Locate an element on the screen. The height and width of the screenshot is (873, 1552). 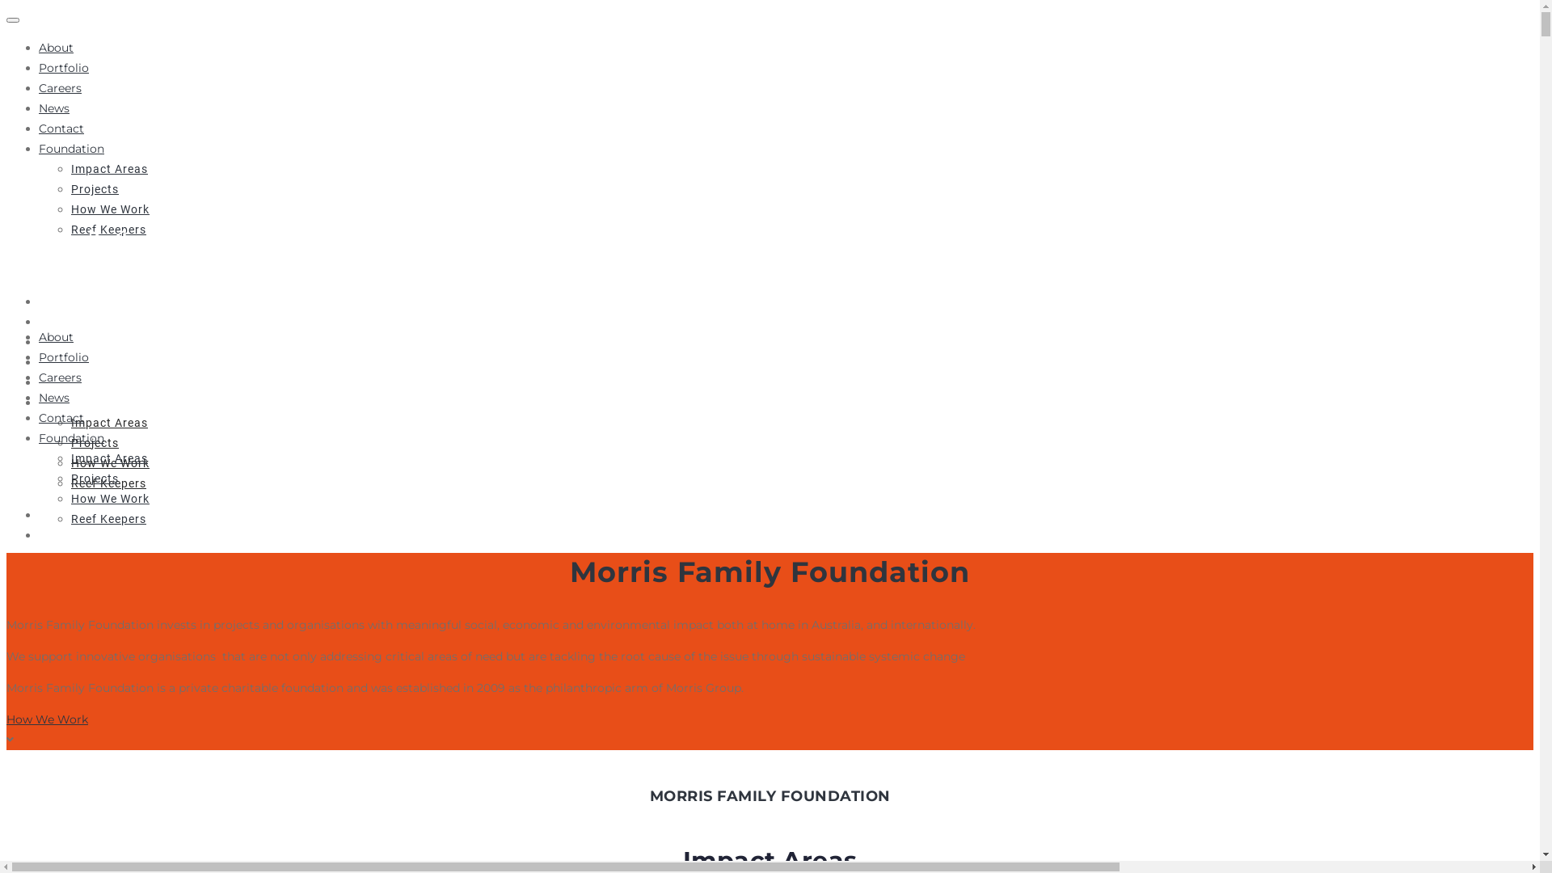
'Contact' is located at coordinates (39, 382).